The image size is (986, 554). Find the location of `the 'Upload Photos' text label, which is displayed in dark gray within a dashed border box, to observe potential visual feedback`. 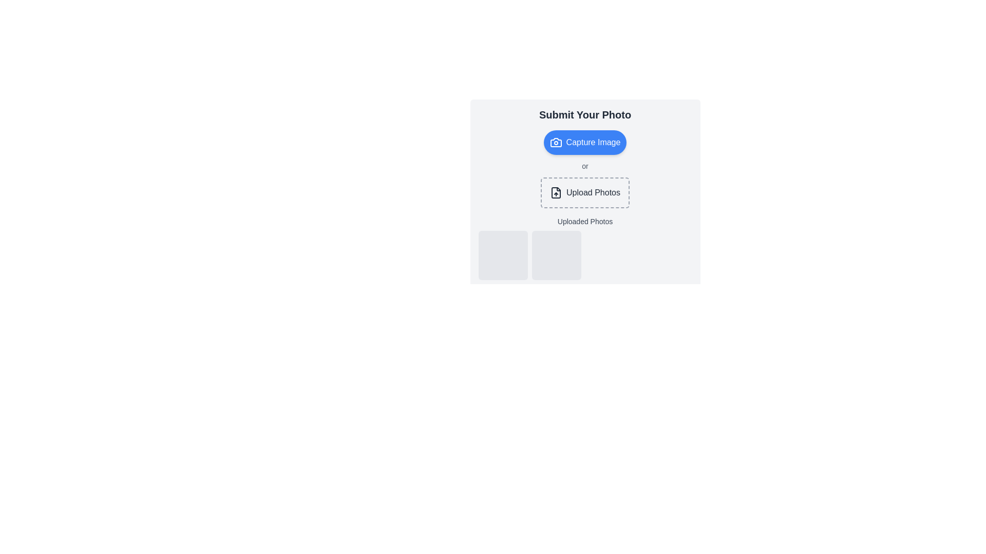

the 'Upload Photos' text label, which is displayed in dark gray within a dashed border box, to observe potential visual feedback is located at coordinates (593, 192).